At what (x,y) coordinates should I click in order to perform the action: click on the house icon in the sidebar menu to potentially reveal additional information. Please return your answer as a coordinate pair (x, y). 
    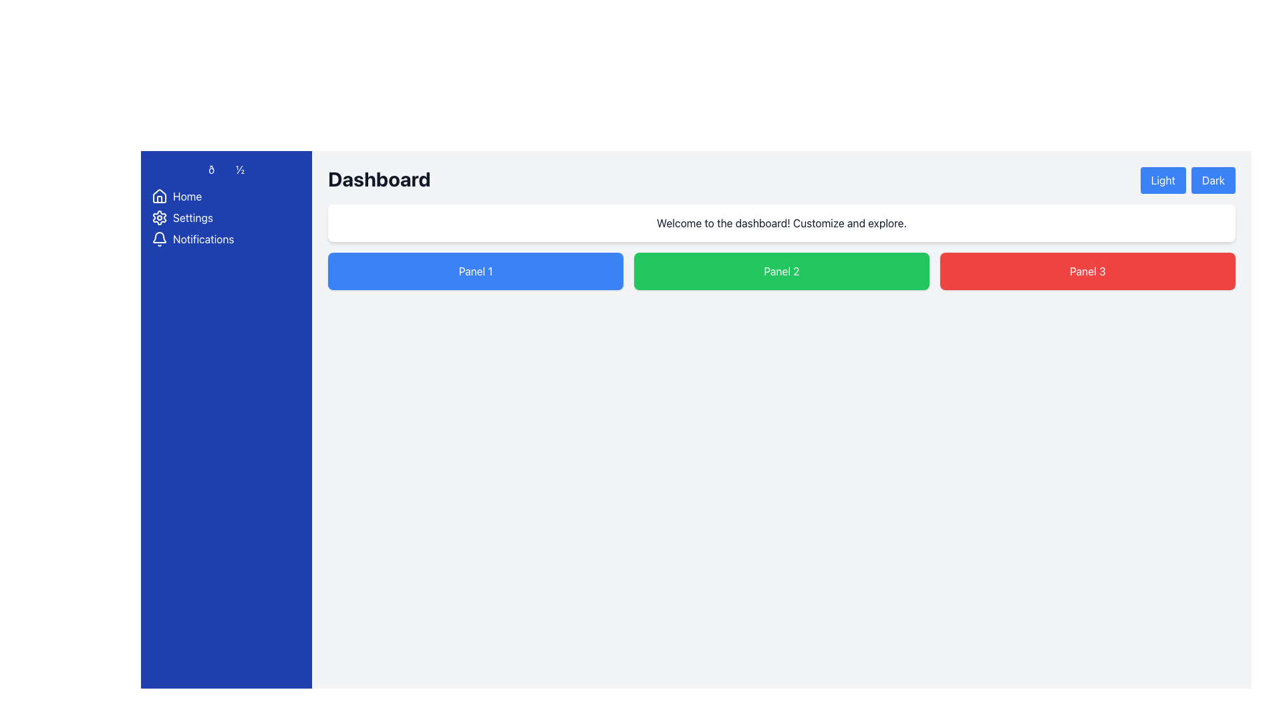
    Looking at the image, I should click on (160, 196).